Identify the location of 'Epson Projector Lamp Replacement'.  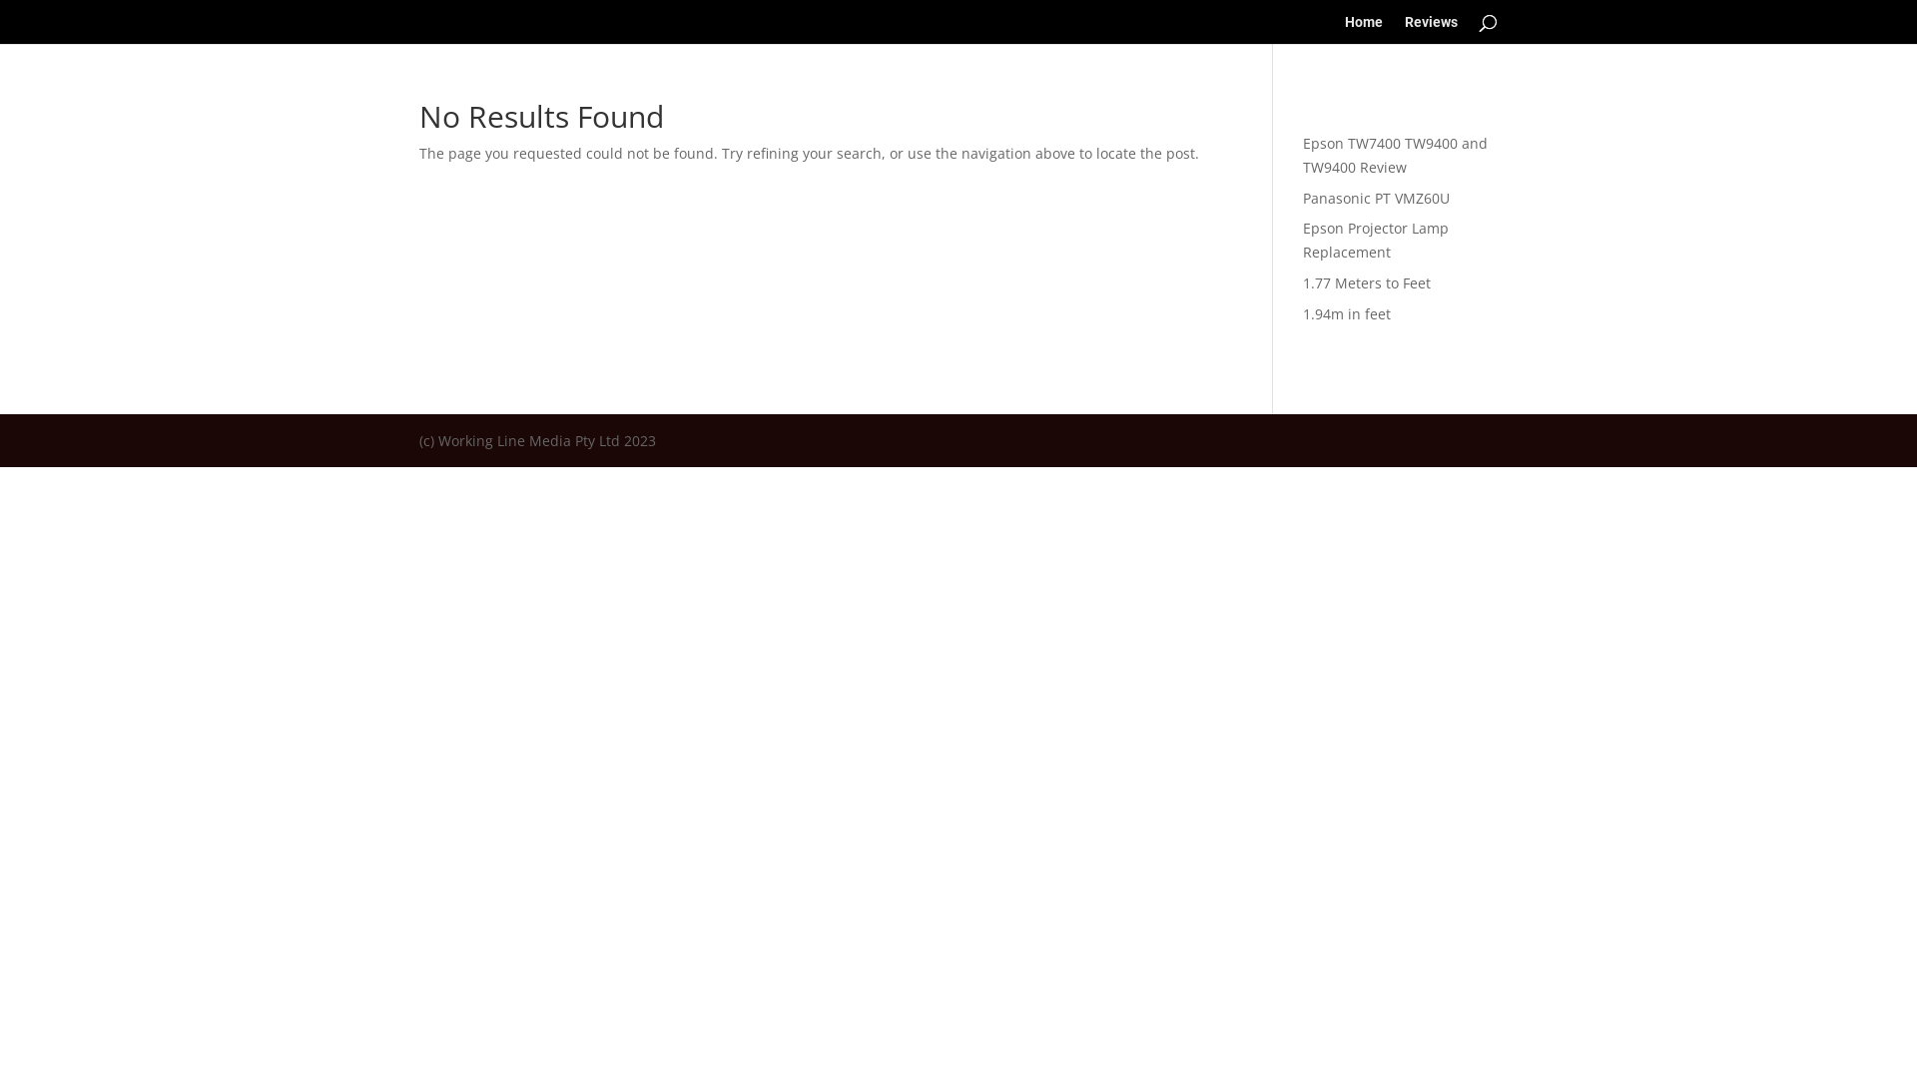
(1374, 239).